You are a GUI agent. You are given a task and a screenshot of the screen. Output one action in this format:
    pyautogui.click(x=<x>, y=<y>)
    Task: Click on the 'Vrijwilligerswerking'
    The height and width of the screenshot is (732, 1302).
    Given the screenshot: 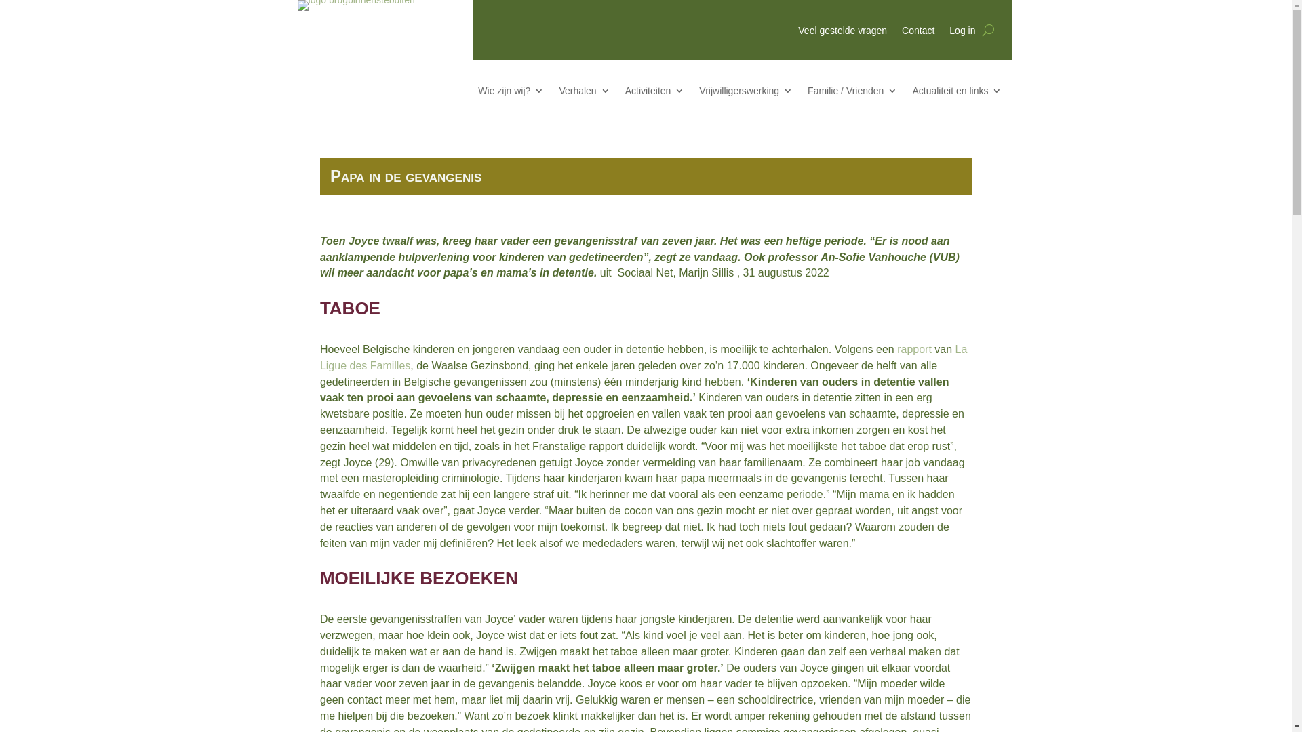 What is the action you would take?
    pyautogui.click(x=745, y=93)
    